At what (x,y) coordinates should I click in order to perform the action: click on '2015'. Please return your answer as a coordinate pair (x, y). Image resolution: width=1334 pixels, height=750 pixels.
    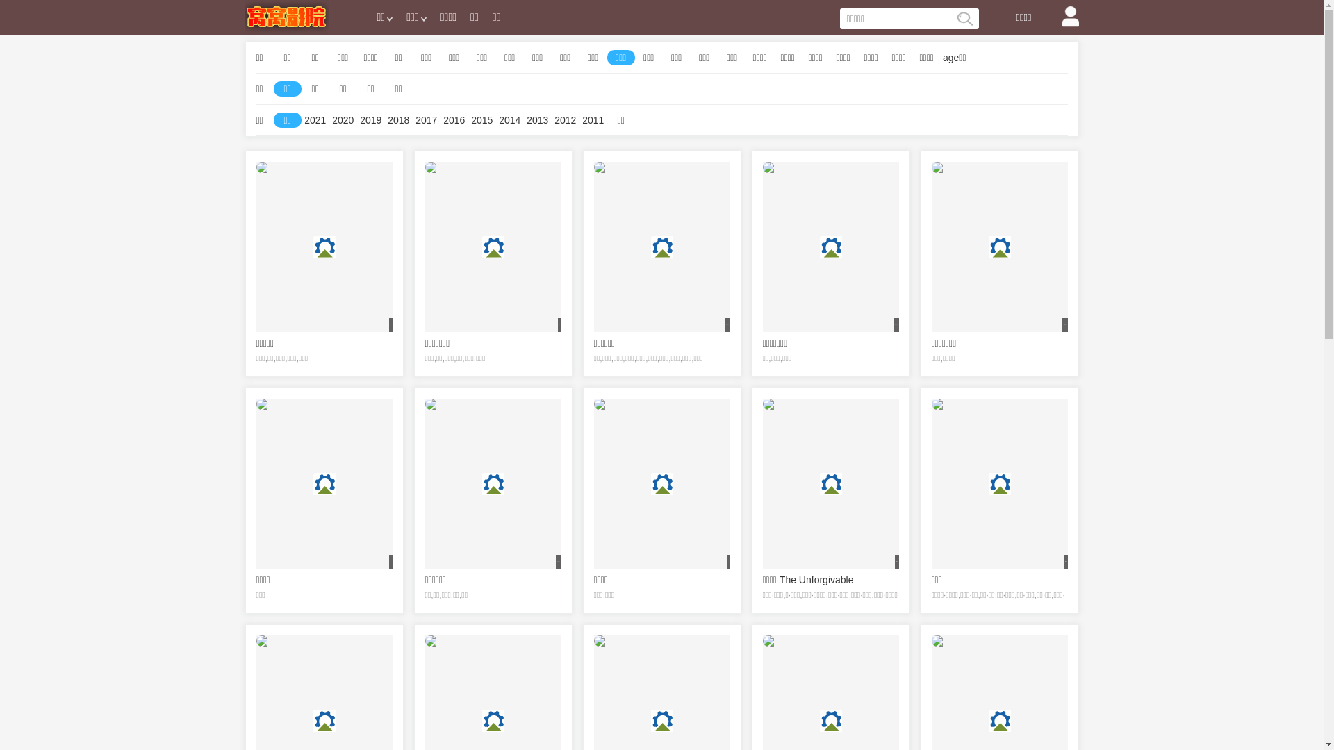
    Looking at the image, I should click on (481, 119).